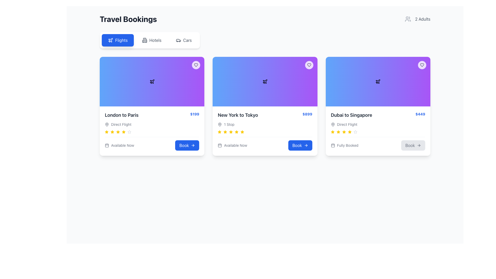  Describe the element at coordinates (184, 40) in the screenshot. I see `the third button in the horizontal group located to the right of 'Flights' and 'Hotels'` at that location.